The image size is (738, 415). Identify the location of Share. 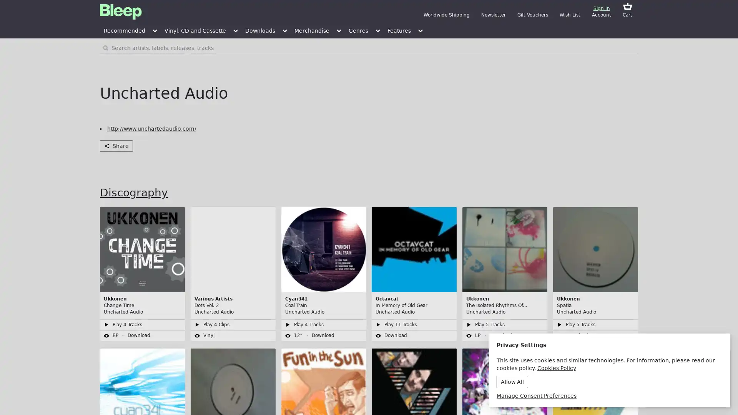
(116, 146).